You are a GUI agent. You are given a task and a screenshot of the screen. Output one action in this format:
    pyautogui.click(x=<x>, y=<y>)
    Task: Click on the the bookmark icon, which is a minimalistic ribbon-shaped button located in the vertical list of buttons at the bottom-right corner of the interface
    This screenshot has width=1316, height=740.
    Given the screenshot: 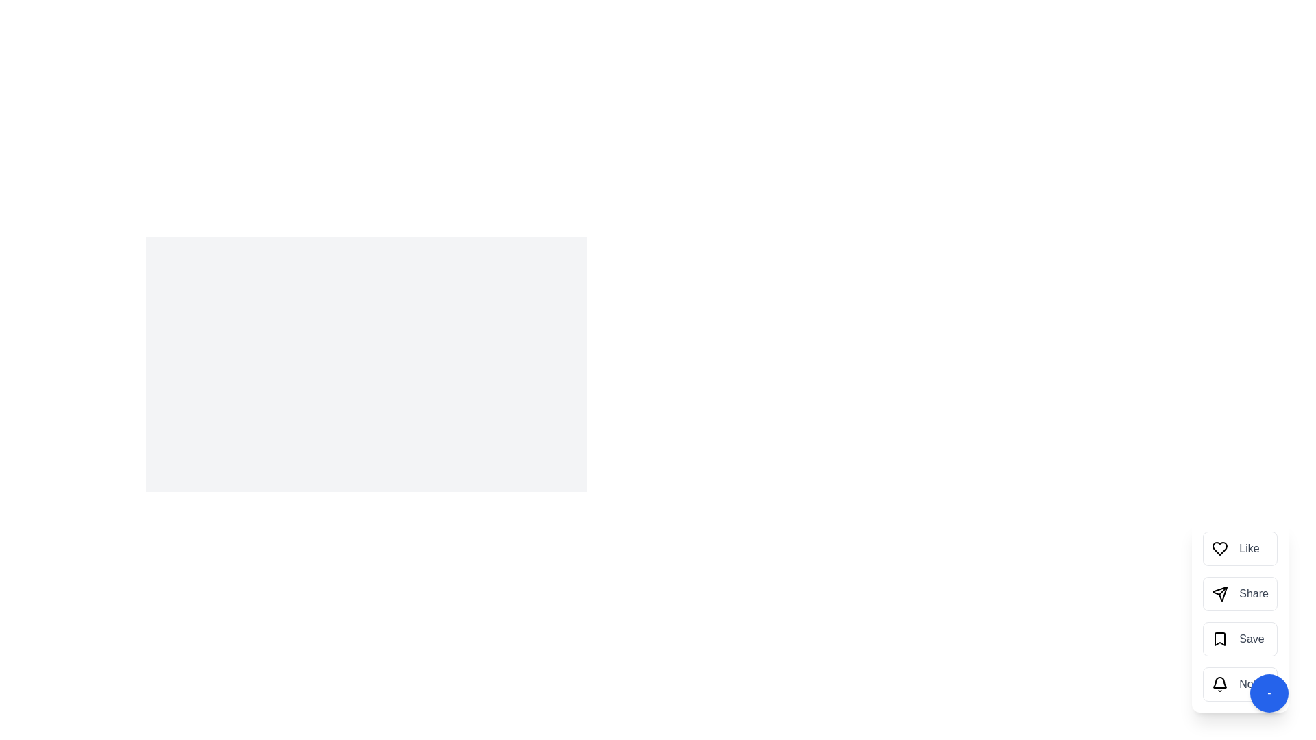 What is the action you would take?
    pyautogui.click(x=1220, y=639)
    